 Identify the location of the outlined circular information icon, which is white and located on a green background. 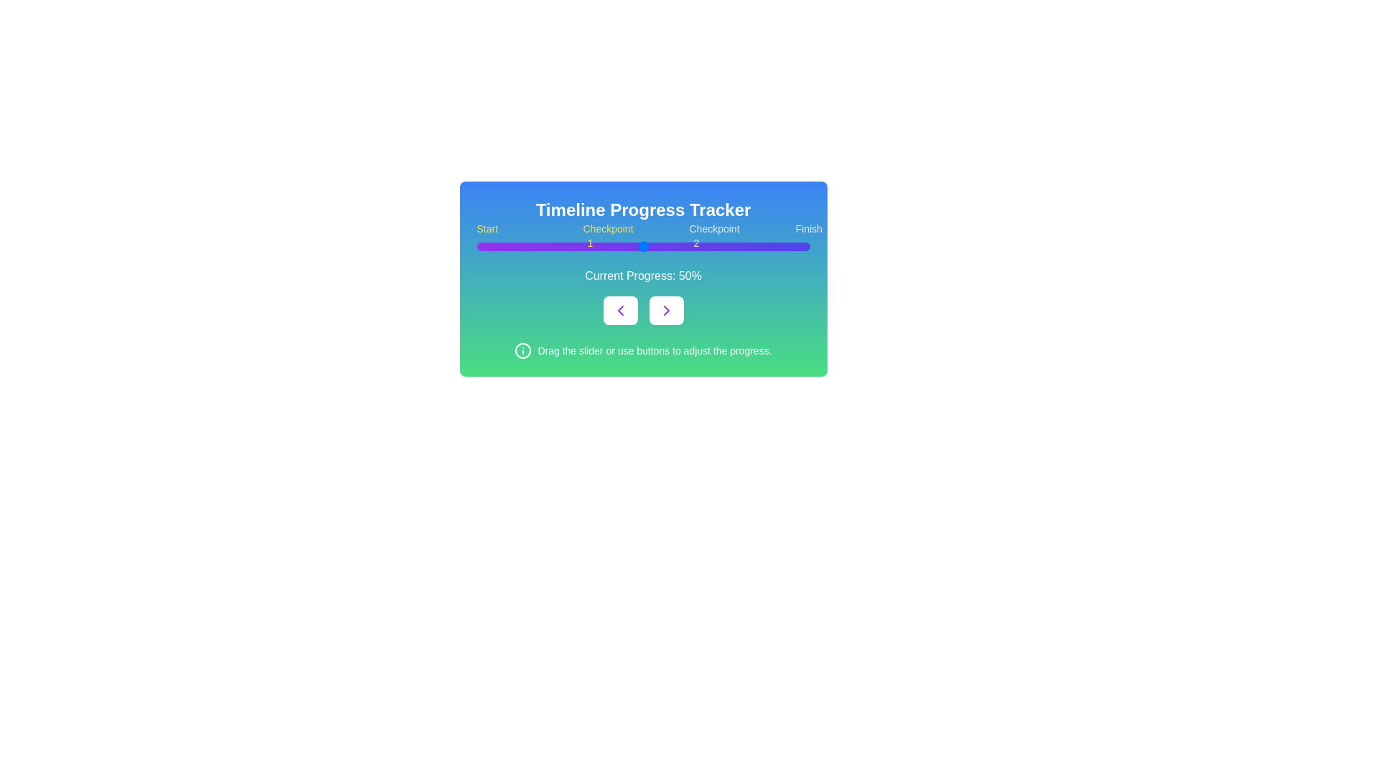
(522, 351).